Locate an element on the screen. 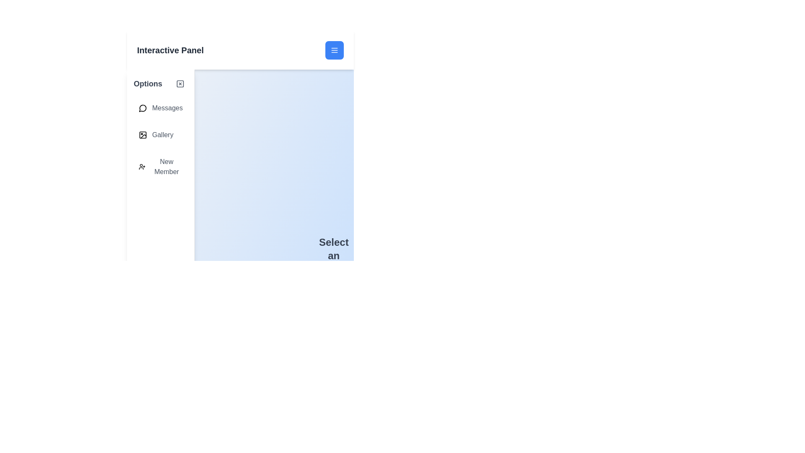 This screenshot has width=805, height=453. the 'Gallery' text label in the side navigation menu is located at coordinates (163, 134).